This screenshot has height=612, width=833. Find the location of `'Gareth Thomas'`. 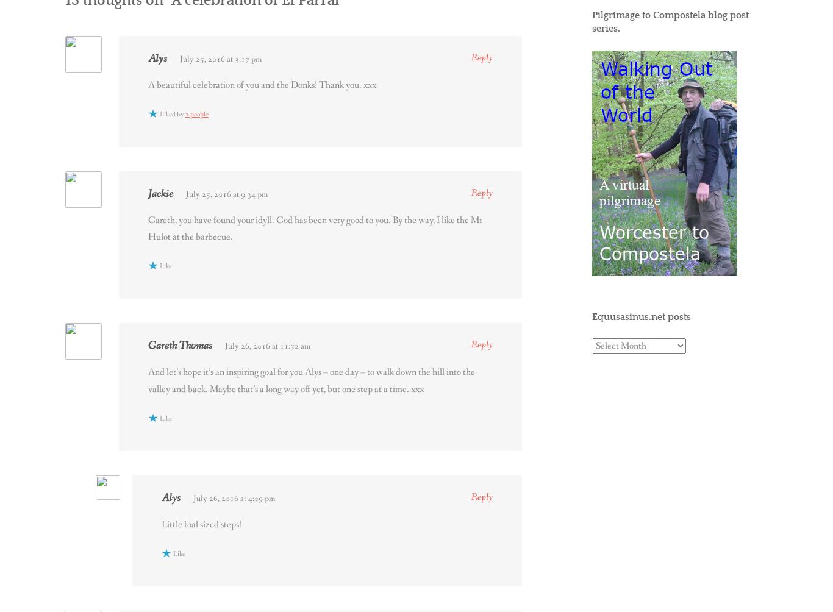

'Gareth Thomas' is located at coordinates (148, 345).